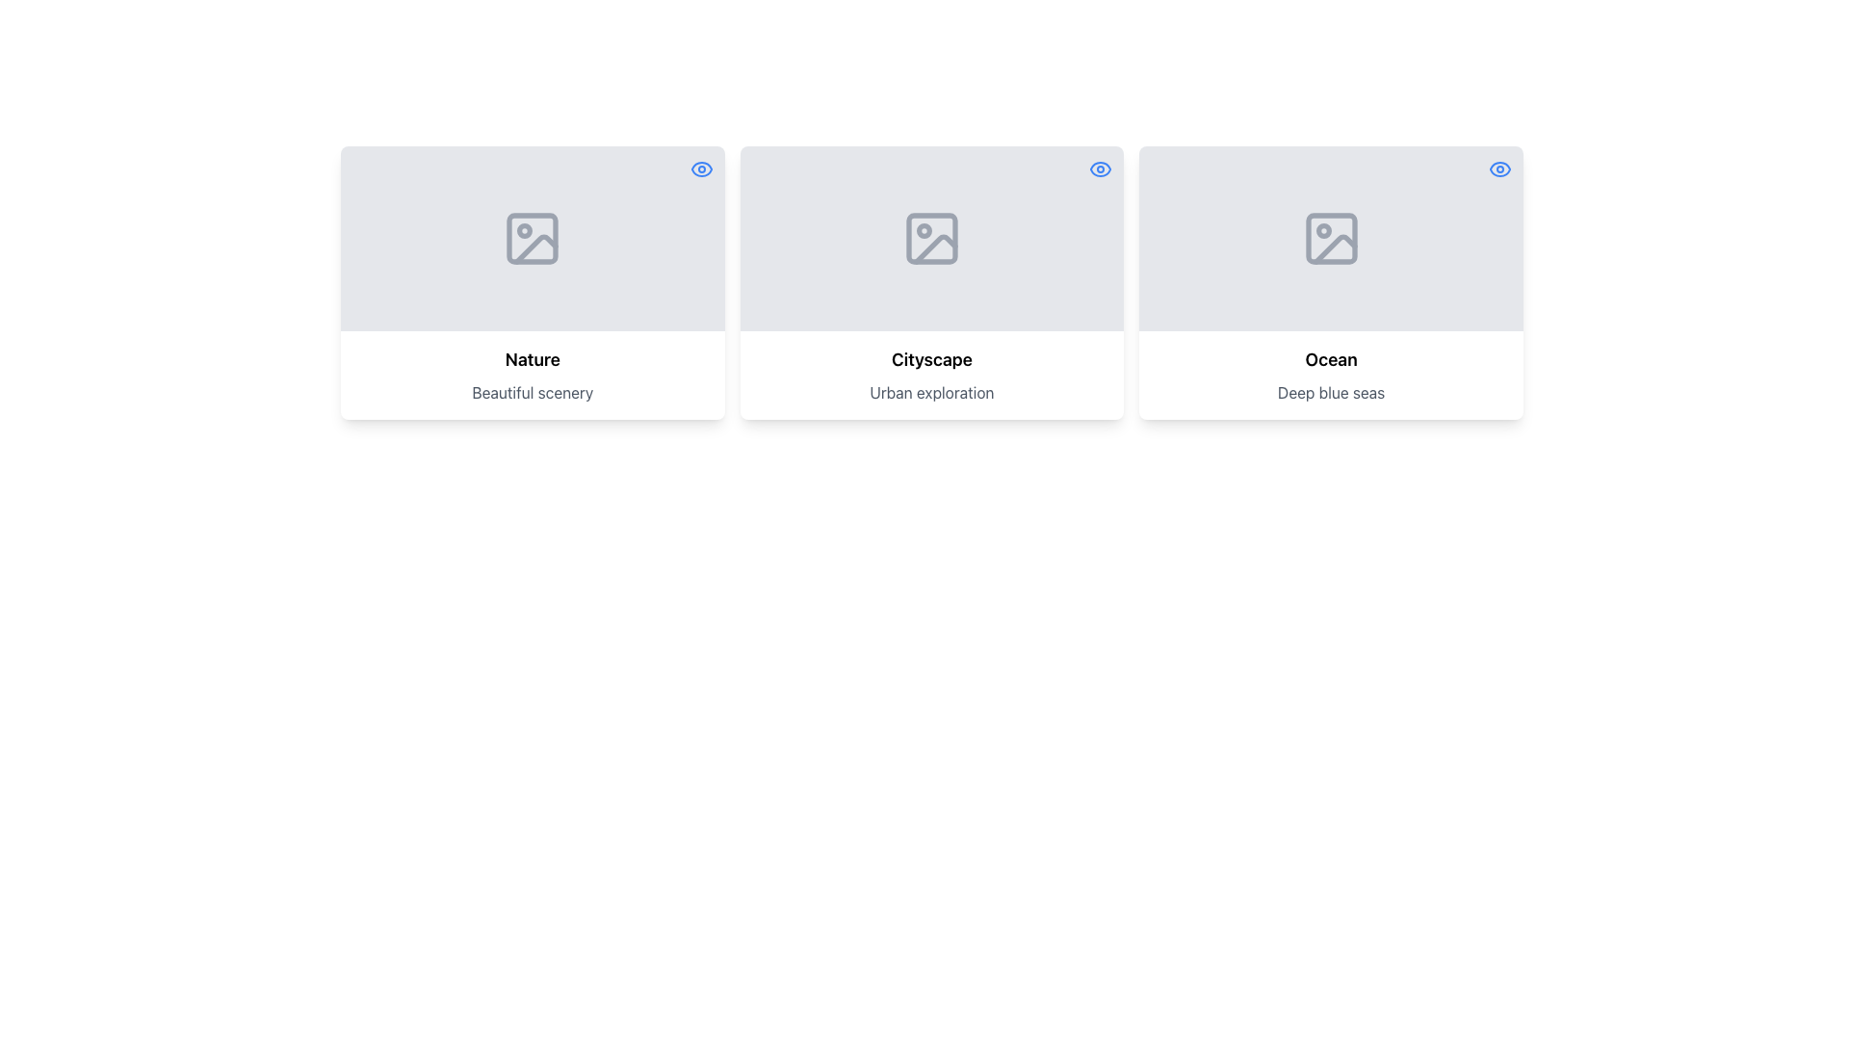  Describe the element at coordinates (932, 392) in the screenshot. I see `the text element displaying 'Urban exploration' in light gray, located below the 'Cityscape' title within a card layout` at that location.